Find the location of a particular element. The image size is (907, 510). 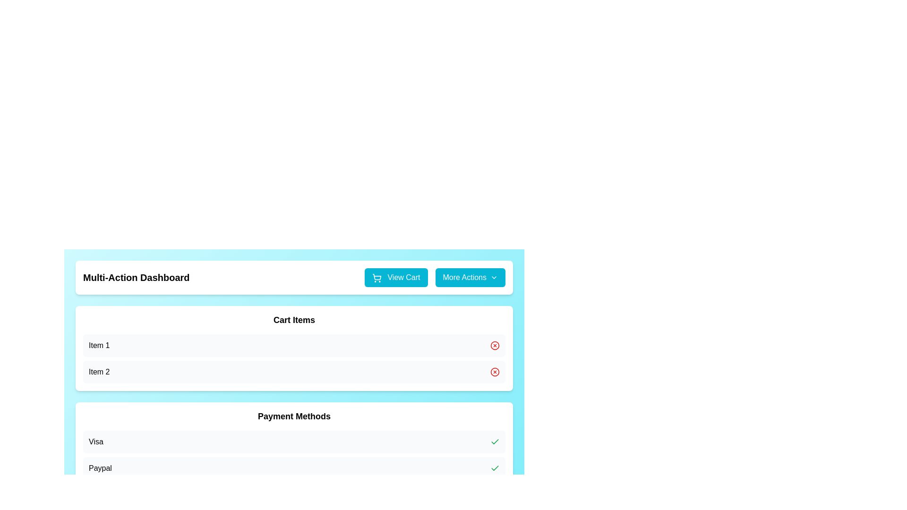

the 'Paypal' payment method SVG icon is located at coordinates (494, 468).